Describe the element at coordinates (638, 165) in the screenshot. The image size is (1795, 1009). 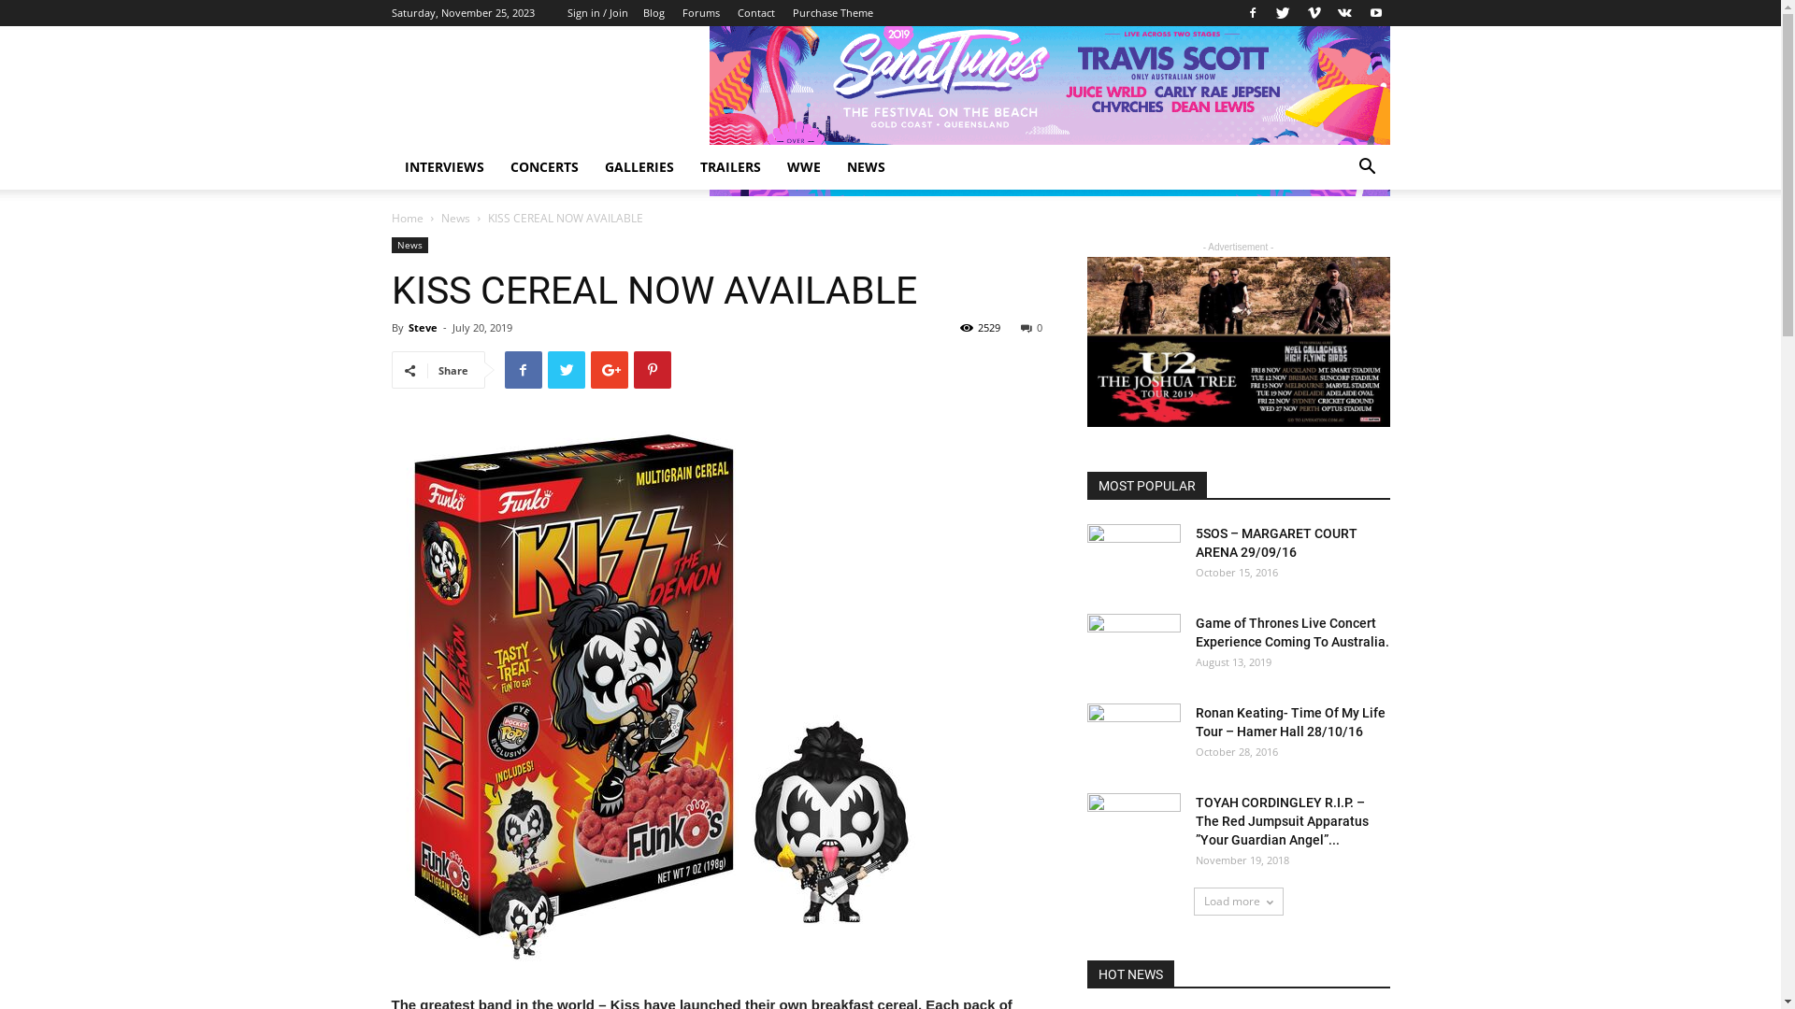
I see `'GALLERIES'` at that location.